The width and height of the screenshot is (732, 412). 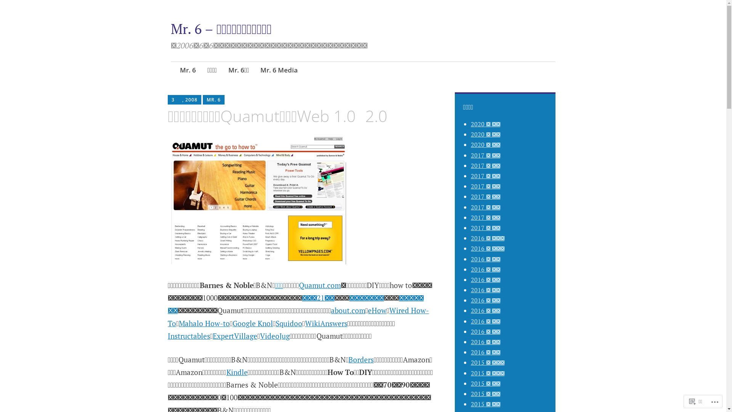 What do you see at coordinates (377, 310) in the screenshot?
I see `'eHow'` at bounding box center [377, 310].